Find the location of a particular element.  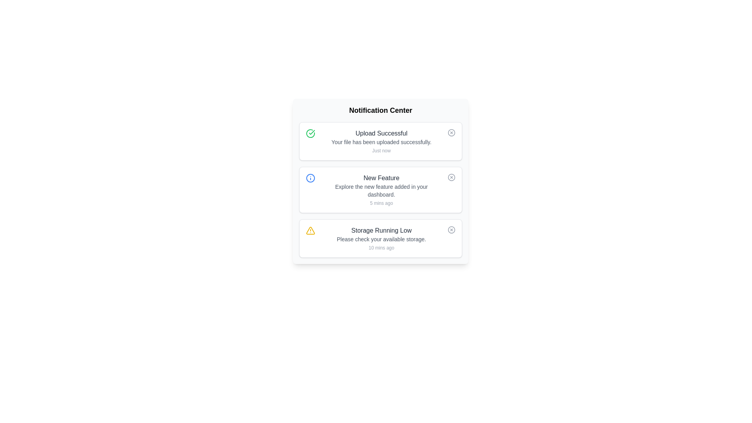

message displayed in the third notification of the notification center indicating low storage is located at coordinates (381, 238).